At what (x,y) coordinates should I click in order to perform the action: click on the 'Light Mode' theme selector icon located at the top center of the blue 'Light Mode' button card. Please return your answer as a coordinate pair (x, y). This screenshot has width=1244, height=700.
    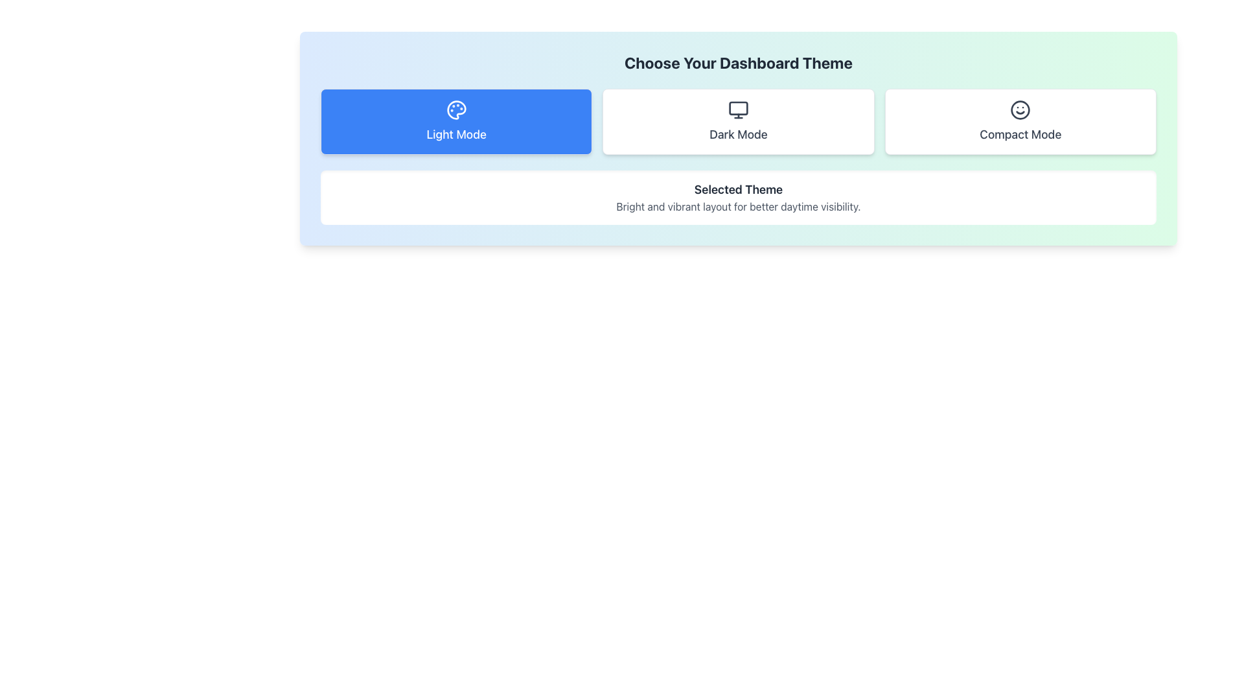
    Looking at the image, I should click on (456, 109).